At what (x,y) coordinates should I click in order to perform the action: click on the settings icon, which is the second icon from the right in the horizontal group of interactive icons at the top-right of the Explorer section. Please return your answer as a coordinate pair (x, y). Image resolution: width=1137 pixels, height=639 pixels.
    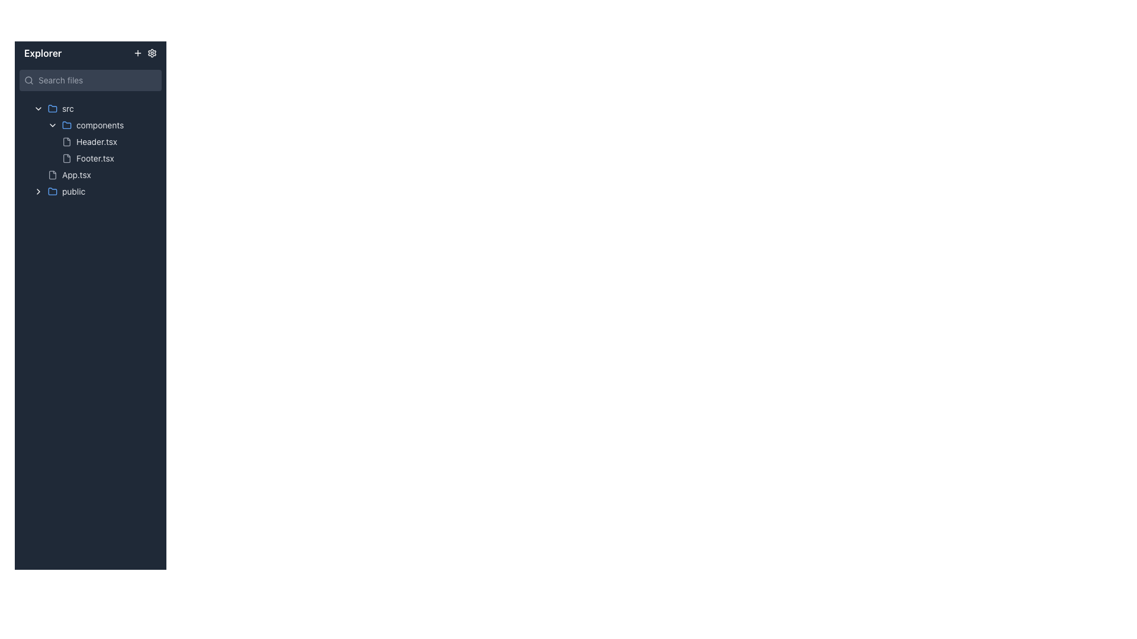
    Looking at the image, I should click on (152, 52).